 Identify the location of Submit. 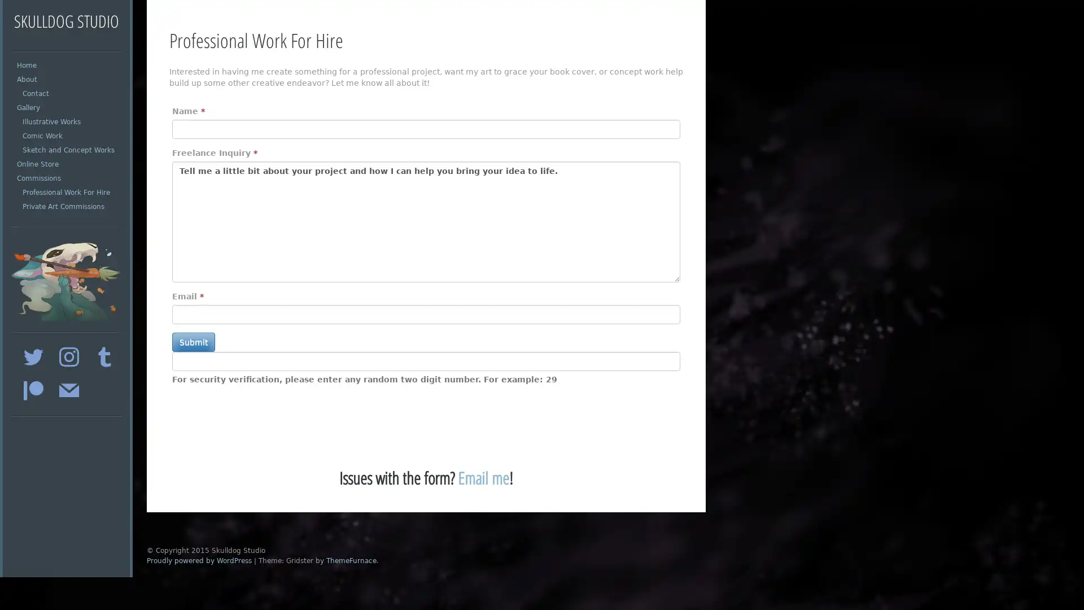
(193, 341).